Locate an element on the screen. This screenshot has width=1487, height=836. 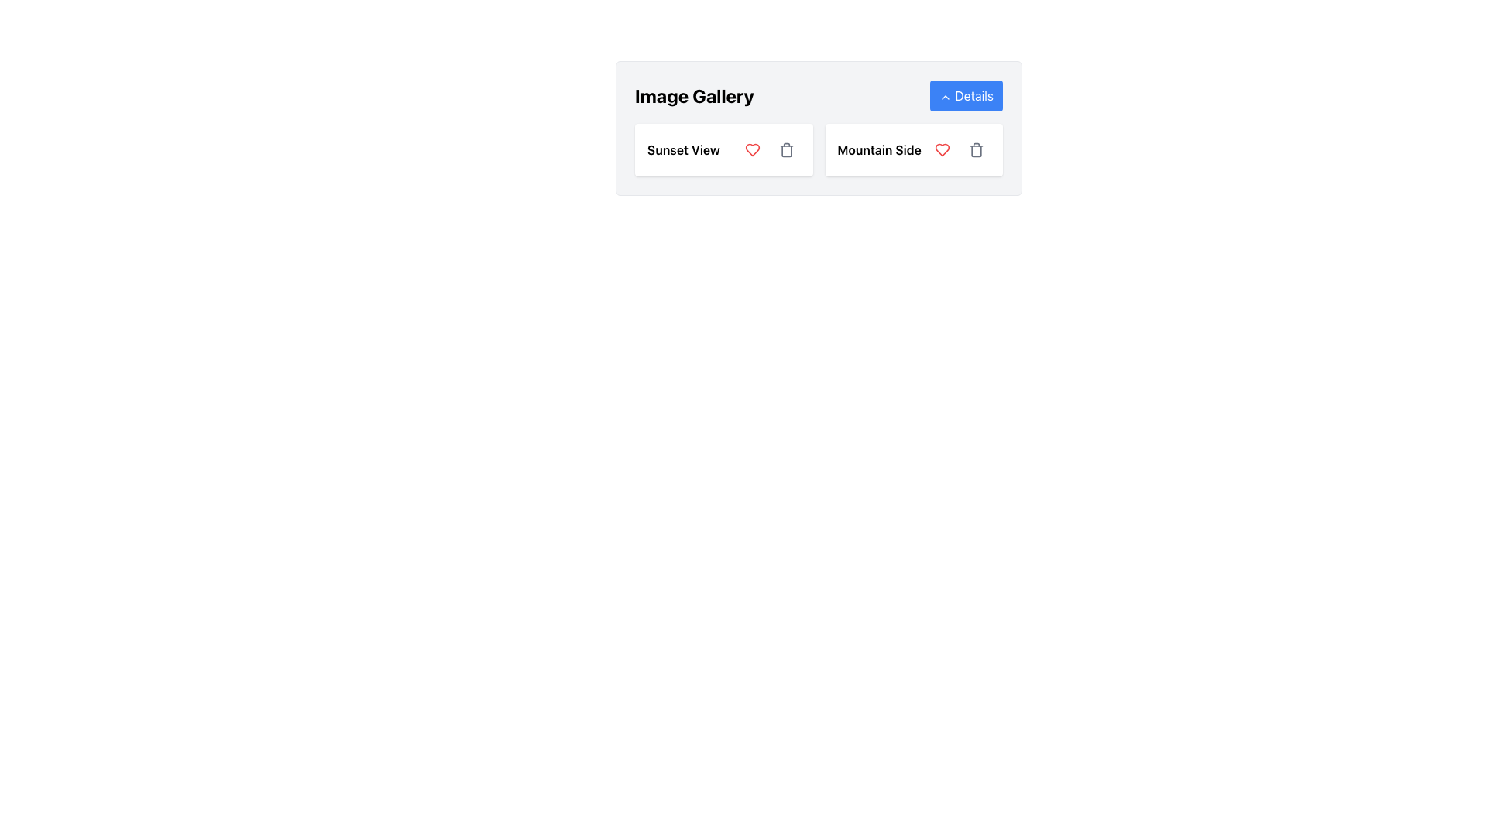
the second interactive heart-shaped icon within the 'Mountain Side' card is located at coordinates (942, 149).